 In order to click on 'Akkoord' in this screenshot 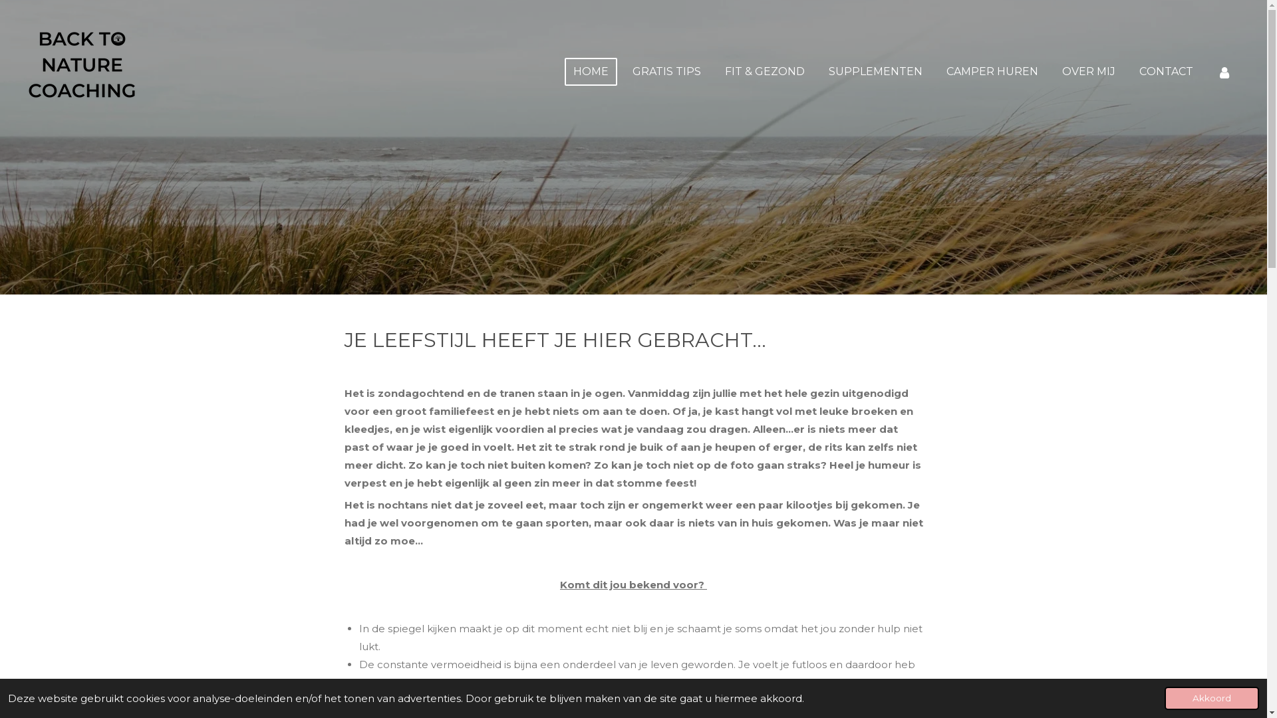, I will do `click(1212, 697)`.